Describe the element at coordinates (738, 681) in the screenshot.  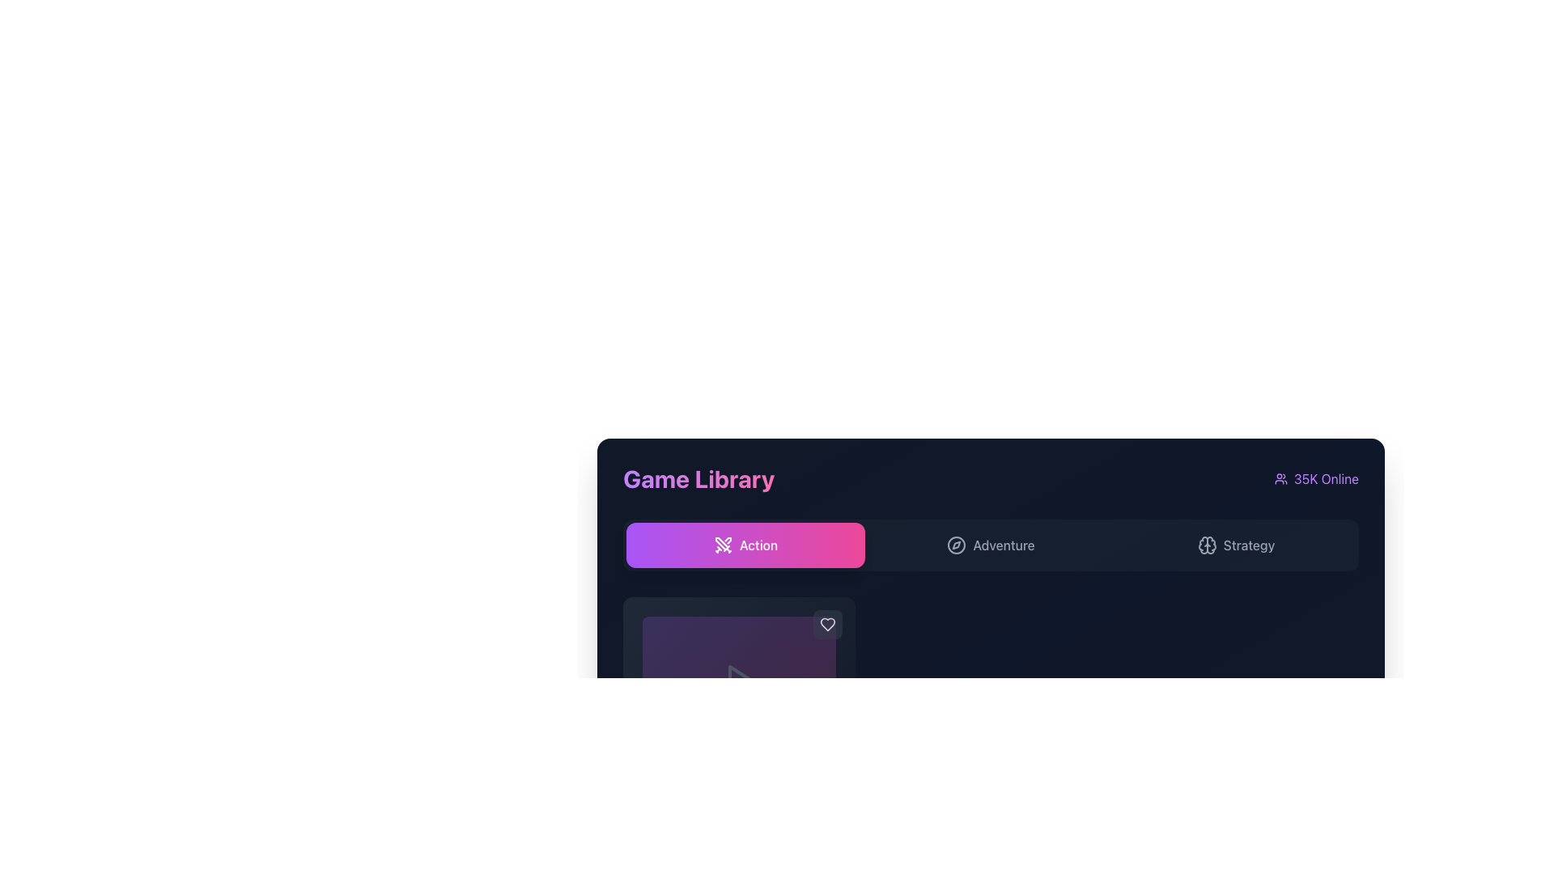
I see `the Play button (SVG icon) located below the 'Game Library' header to initiate playback` at that location.